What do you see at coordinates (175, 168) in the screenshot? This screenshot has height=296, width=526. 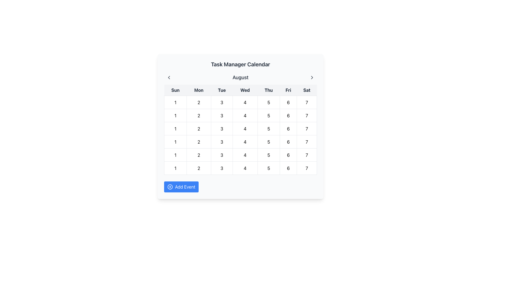 I see `the text element representing the first day of the week (Sunday) in the calendar grid, located in the first column of the sixth row` at bounding box center [175, 168].